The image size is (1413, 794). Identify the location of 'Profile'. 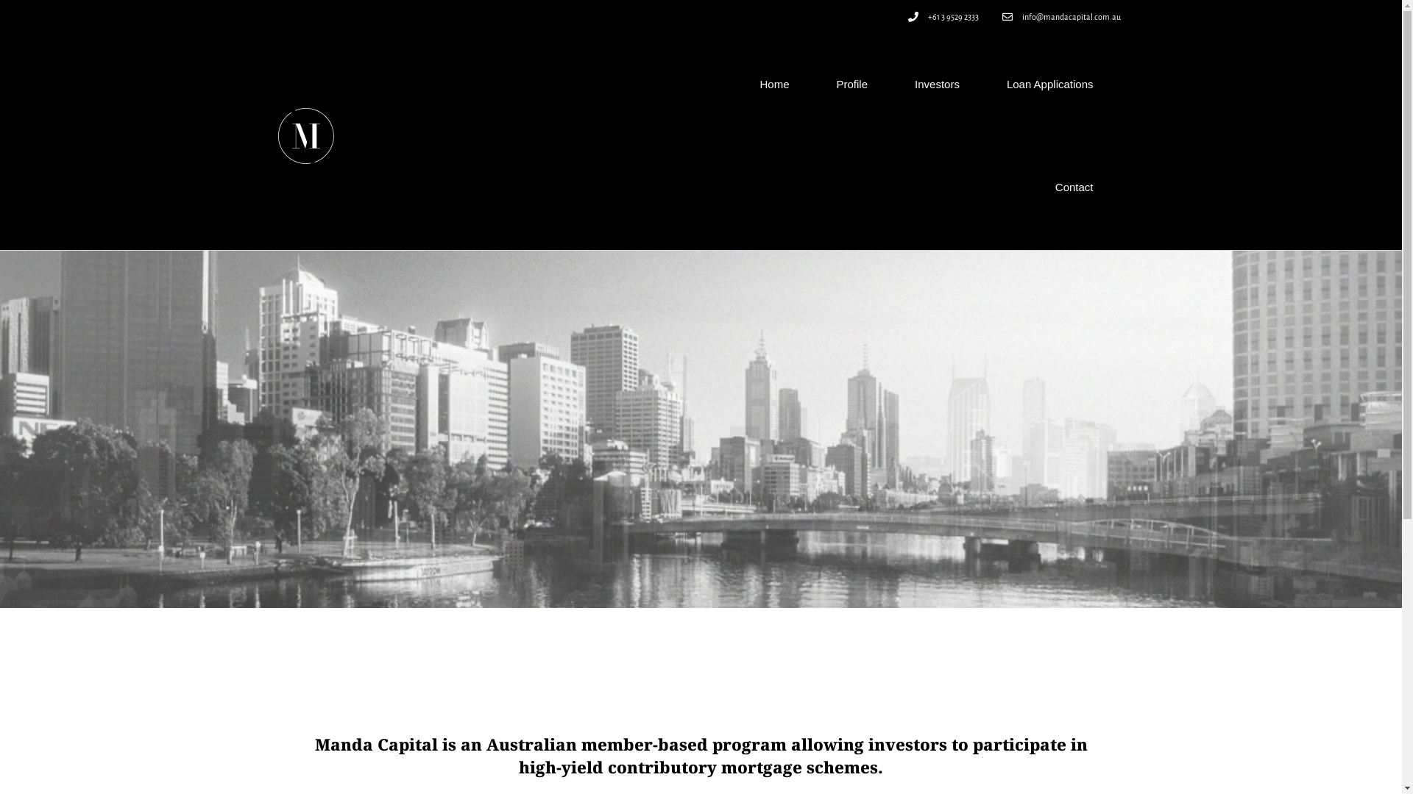
(852, 85).